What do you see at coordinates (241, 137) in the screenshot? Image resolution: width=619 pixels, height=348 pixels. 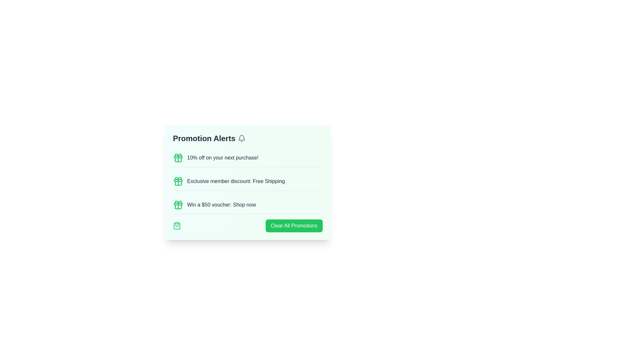 I see `the curved bell-shaped graphical vector element within the notification icon located in the upper-right region of the interface` at bounding box center [241, 137].